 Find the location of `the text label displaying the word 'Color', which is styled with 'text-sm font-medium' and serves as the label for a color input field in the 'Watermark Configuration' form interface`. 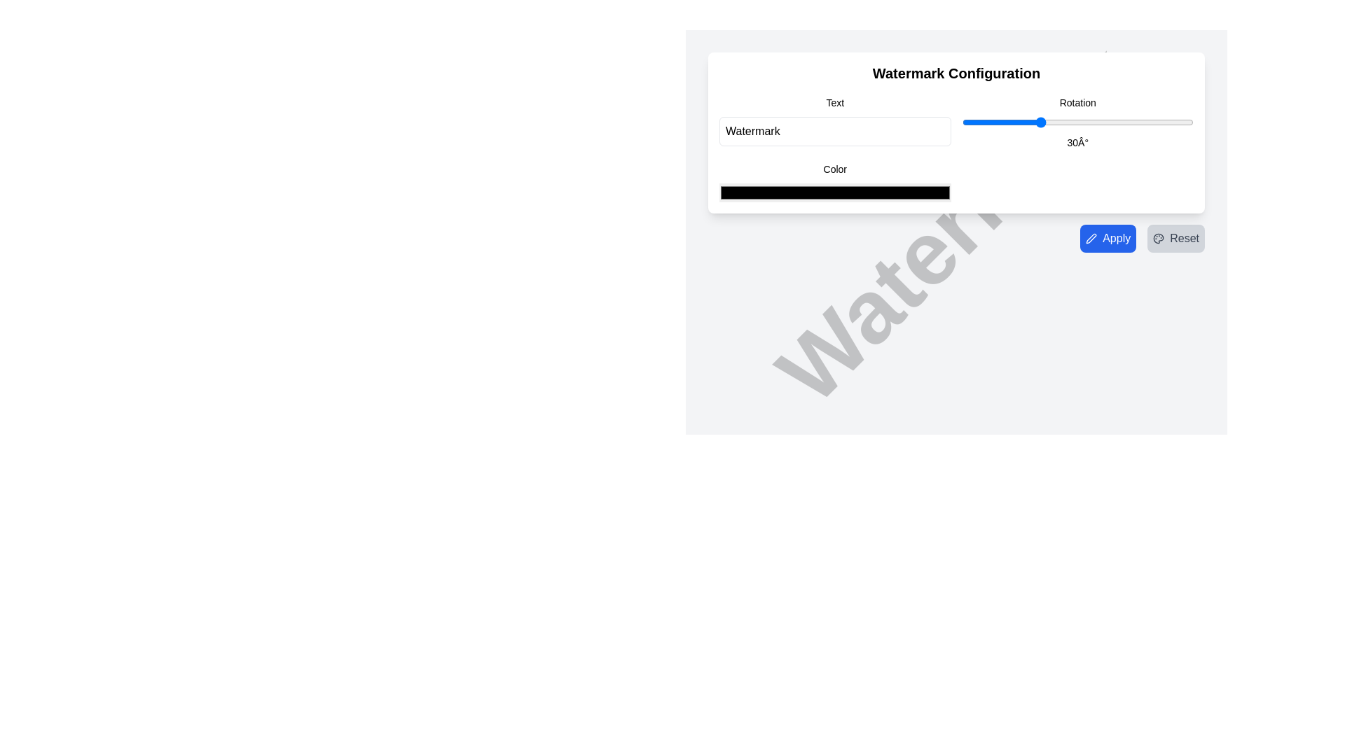

the text label displaying the word 'Color', which is styled with 'text-sm font-medium' and serves as the label for a color input field in the 'Watermark Configuration' form interface is located at coordinates (835, 169).